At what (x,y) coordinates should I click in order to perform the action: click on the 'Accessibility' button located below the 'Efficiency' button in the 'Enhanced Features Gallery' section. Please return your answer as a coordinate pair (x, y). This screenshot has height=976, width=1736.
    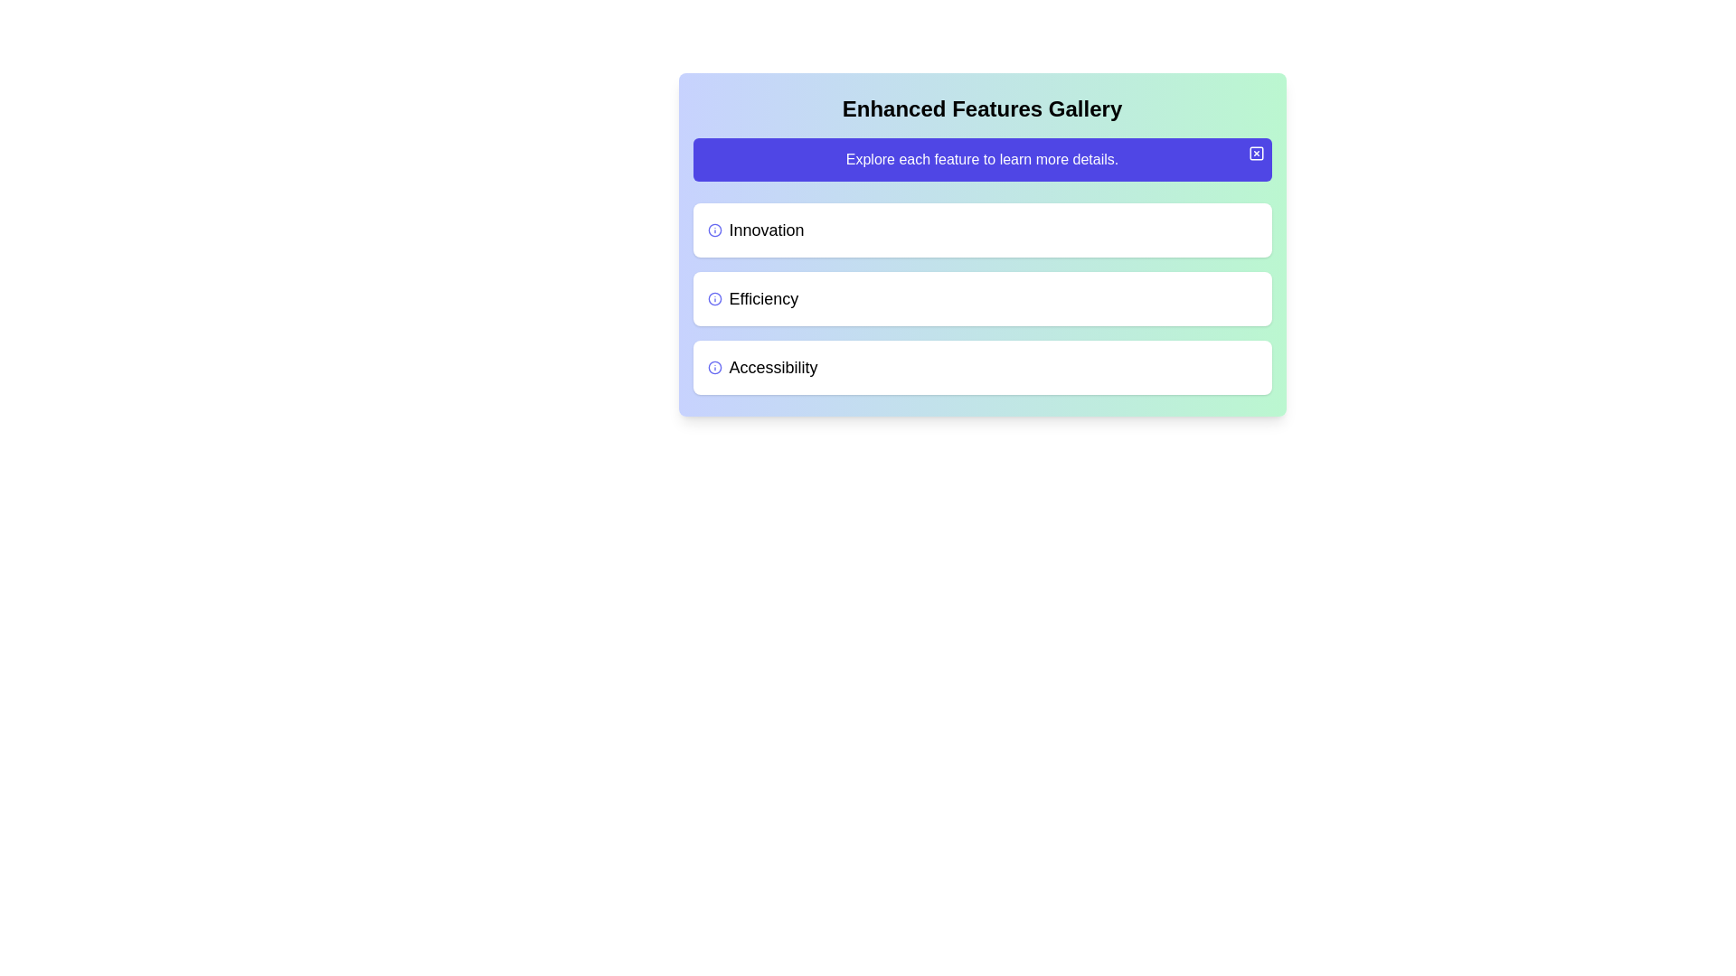
    Looking at the image, I should click on (981, 367).